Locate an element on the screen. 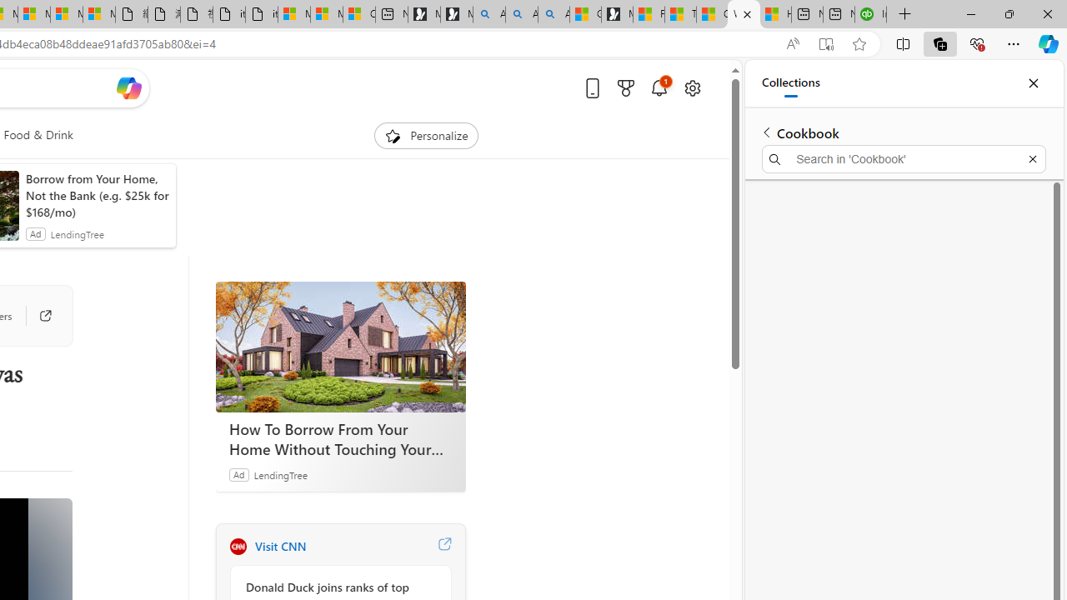 Image resolution: width=1067 pixels, height=600 pixels. 'Alabama high school quarterback dies - Search Videos' is located at coordinates (554, 14).